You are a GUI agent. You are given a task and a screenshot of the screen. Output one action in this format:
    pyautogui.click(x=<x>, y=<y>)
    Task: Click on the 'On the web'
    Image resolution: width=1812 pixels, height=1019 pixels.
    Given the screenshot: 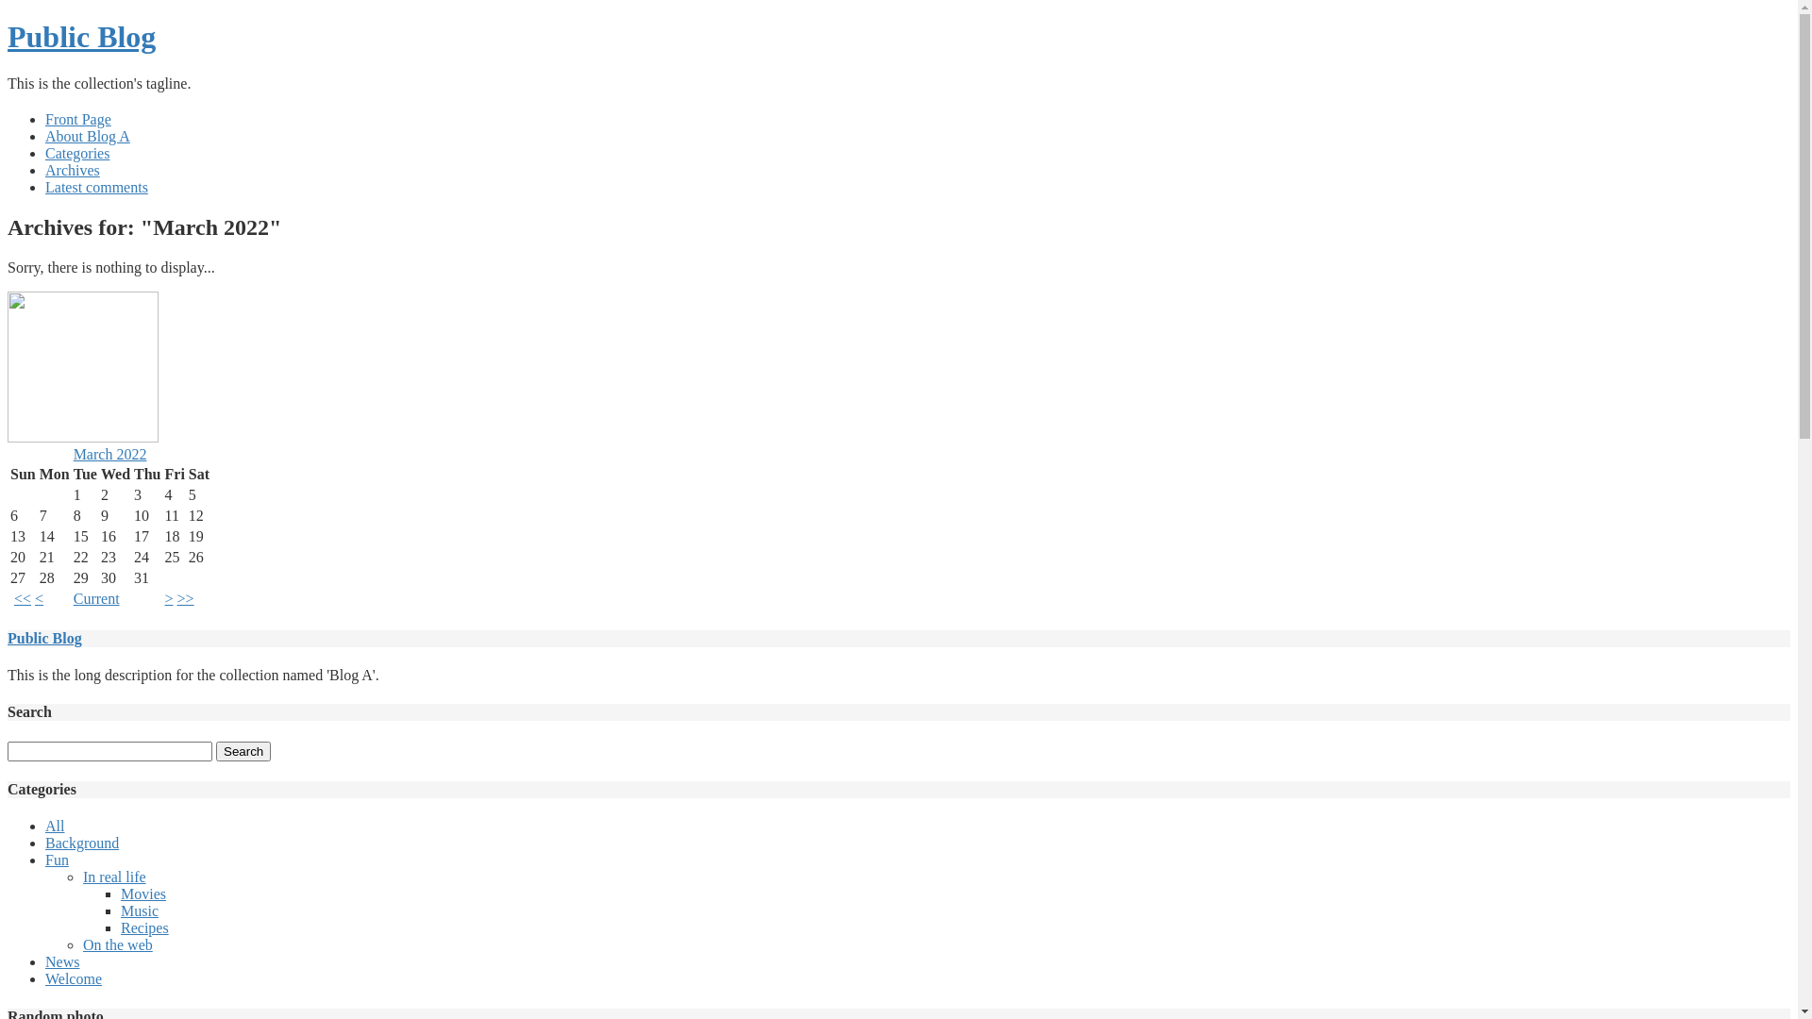 What is the action you would take?
    pyautogui.click(x=81, y=944)
    